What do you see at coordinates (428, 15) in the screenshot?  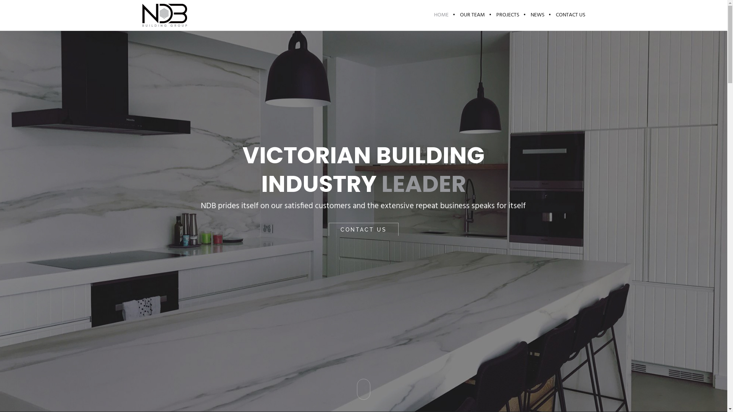 I see `'HOME'` at bounding box center [428, 15].